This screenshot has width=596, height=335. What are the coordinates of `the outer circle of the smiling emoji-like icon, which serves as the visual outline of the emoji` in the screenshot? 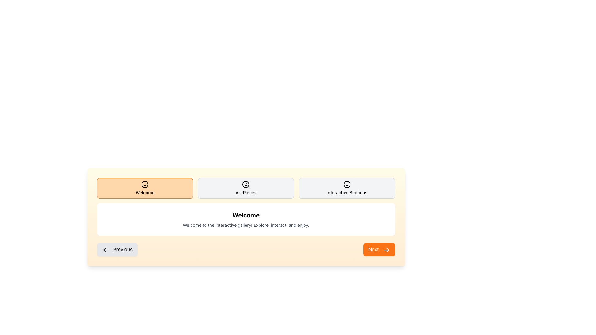 It's located at (346, 184).